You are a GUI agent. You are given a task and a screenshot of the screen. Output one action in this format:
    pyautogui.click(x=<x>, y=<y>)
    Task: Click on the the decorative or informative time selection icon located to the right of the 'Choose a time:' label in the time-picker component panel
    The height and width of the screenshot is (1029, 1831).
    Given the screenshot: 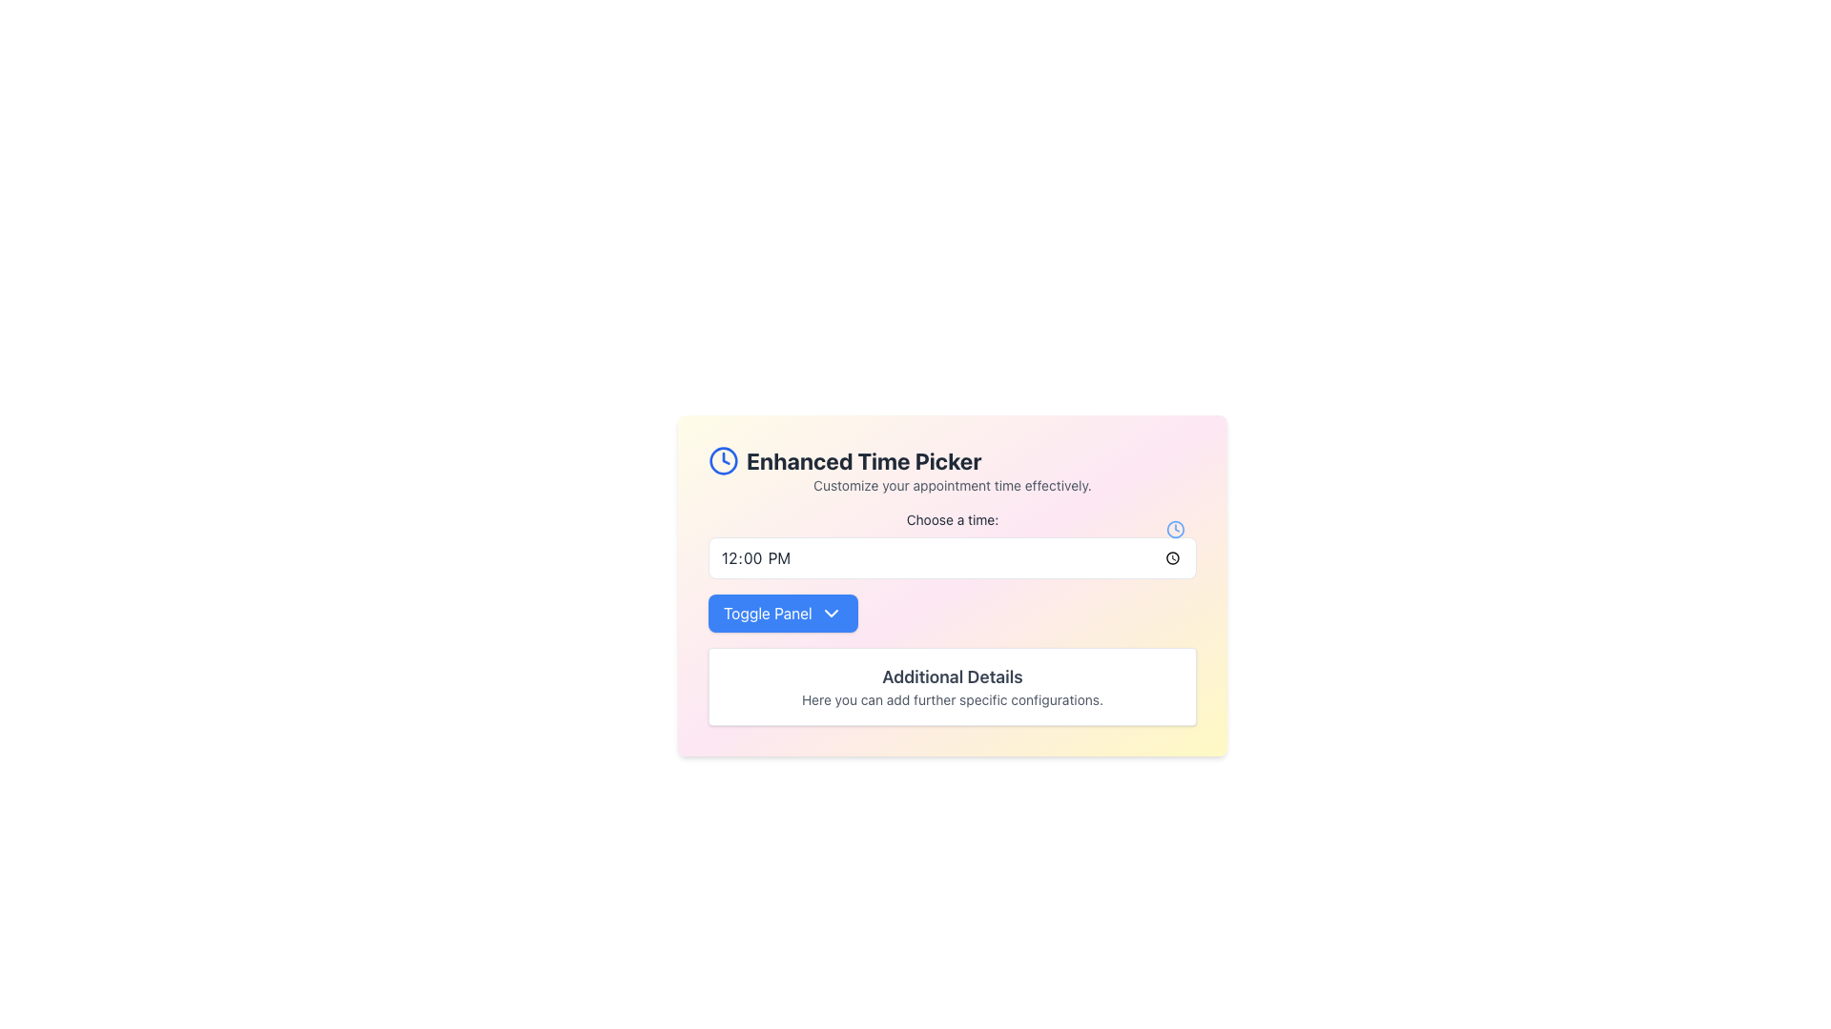 What is the action you would take?
    pyautogui.click(x=1175, y=529)
    